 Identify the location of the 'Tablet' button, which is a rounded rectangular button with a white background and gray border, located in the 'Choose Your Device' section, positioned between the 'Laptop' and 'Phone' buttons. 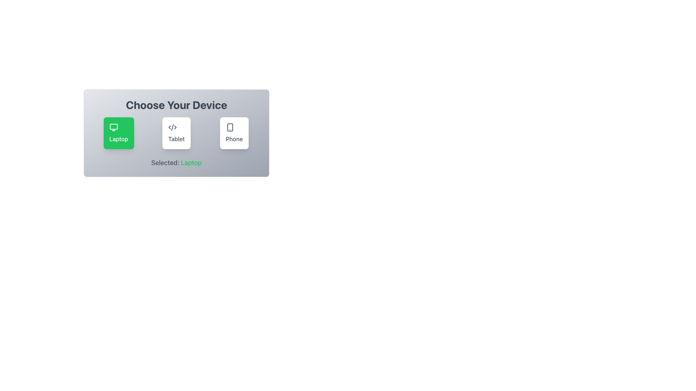
(176, 133).